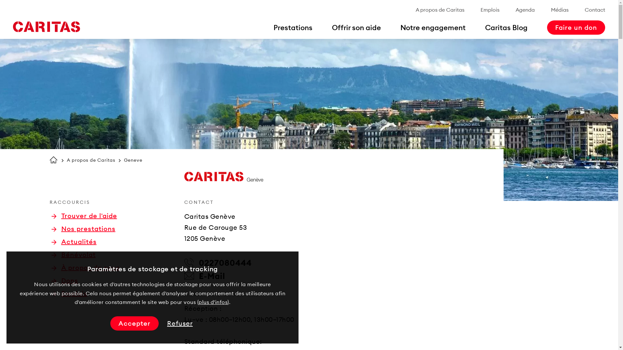 Image resolution: width=623 pixels, height=350 pixels. Describe the element at coordinates (84, 216) in the screenshot. I see `'Trouver de l'aide'` at that location.